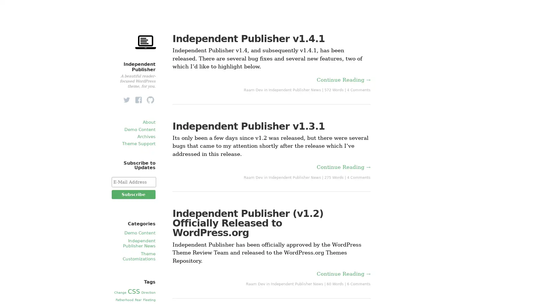 This screenshot has height=305, width=543. I want to click on Subscribe, so click(133, 194).